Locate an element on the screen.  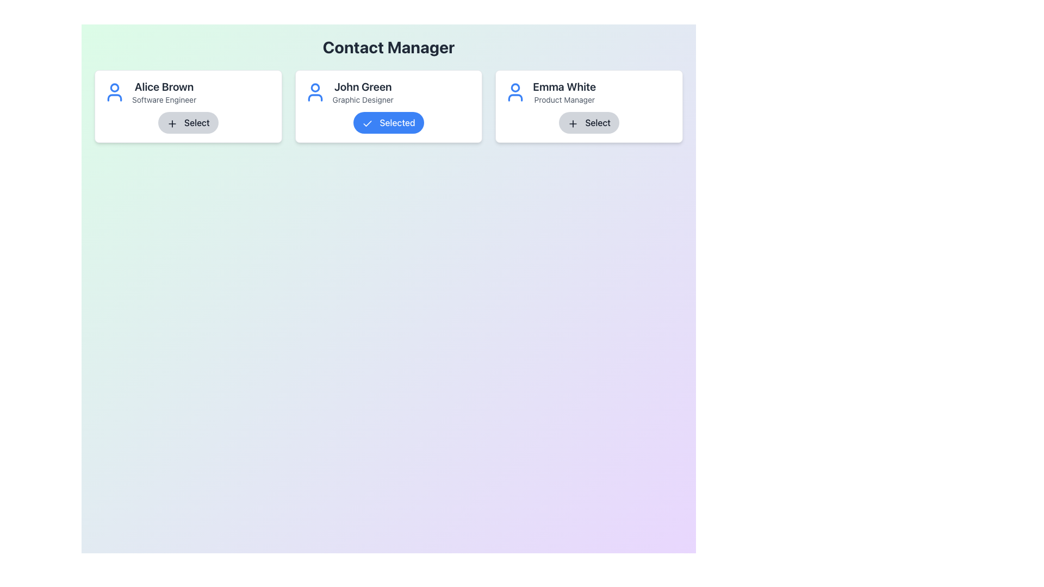
the 'Software Engineer' text label located beneath 'Alice Brown' in the first card on the left is located at coordinates (164, 100).